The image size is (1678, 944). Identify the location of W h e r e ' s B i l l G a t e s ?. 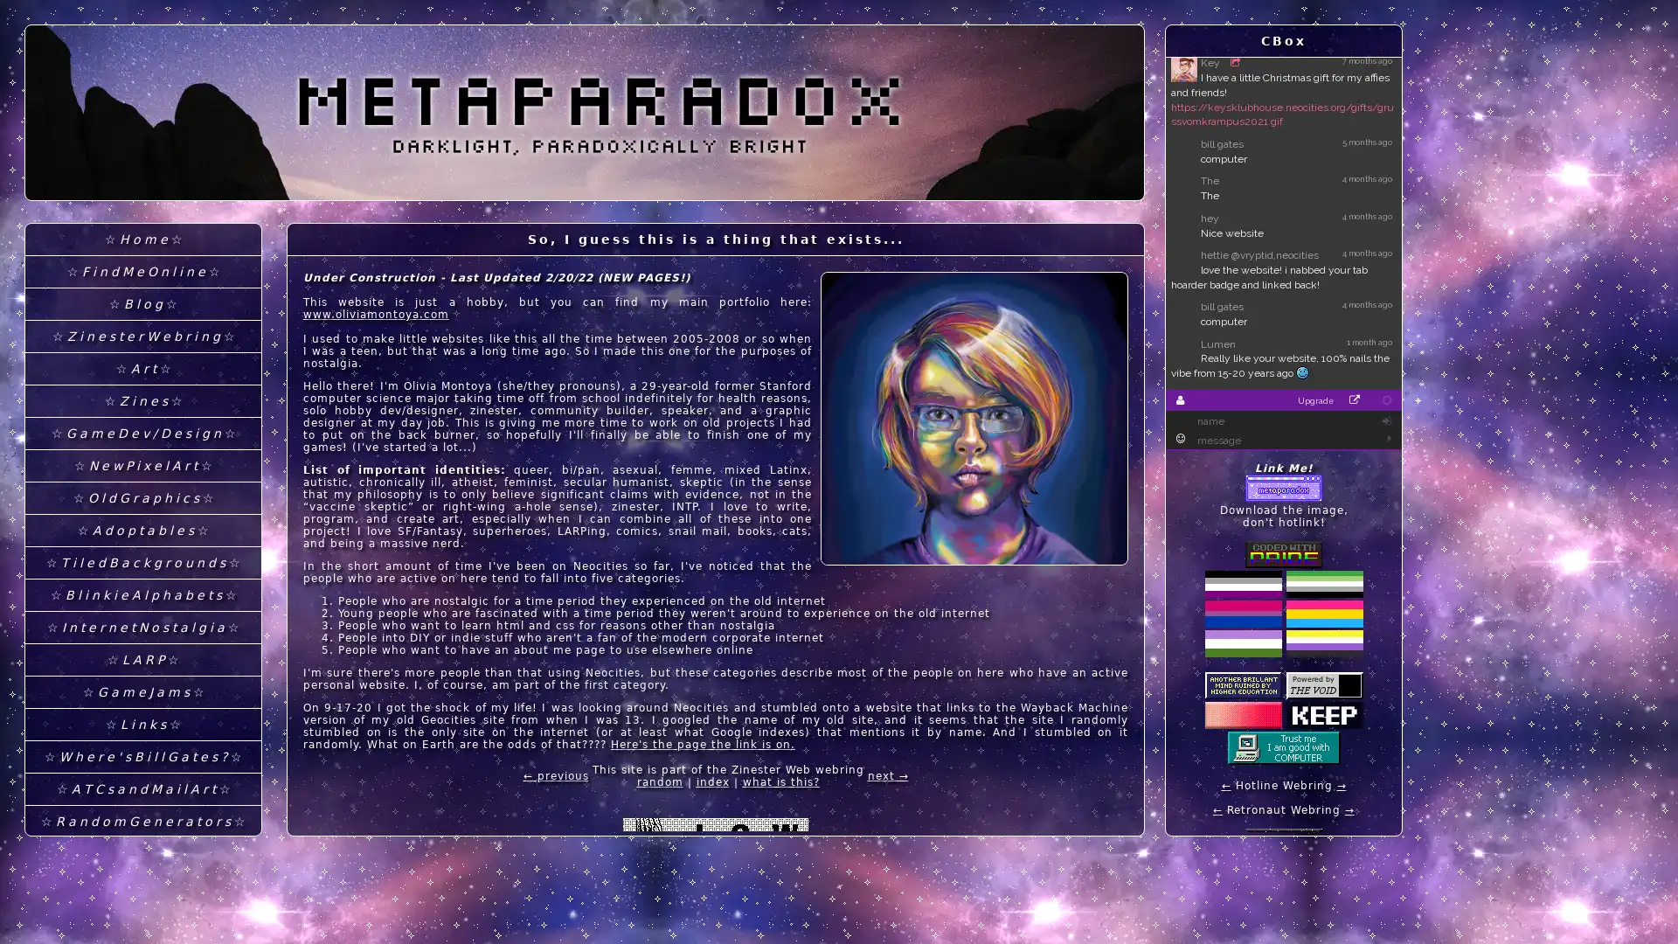
(142, 756).